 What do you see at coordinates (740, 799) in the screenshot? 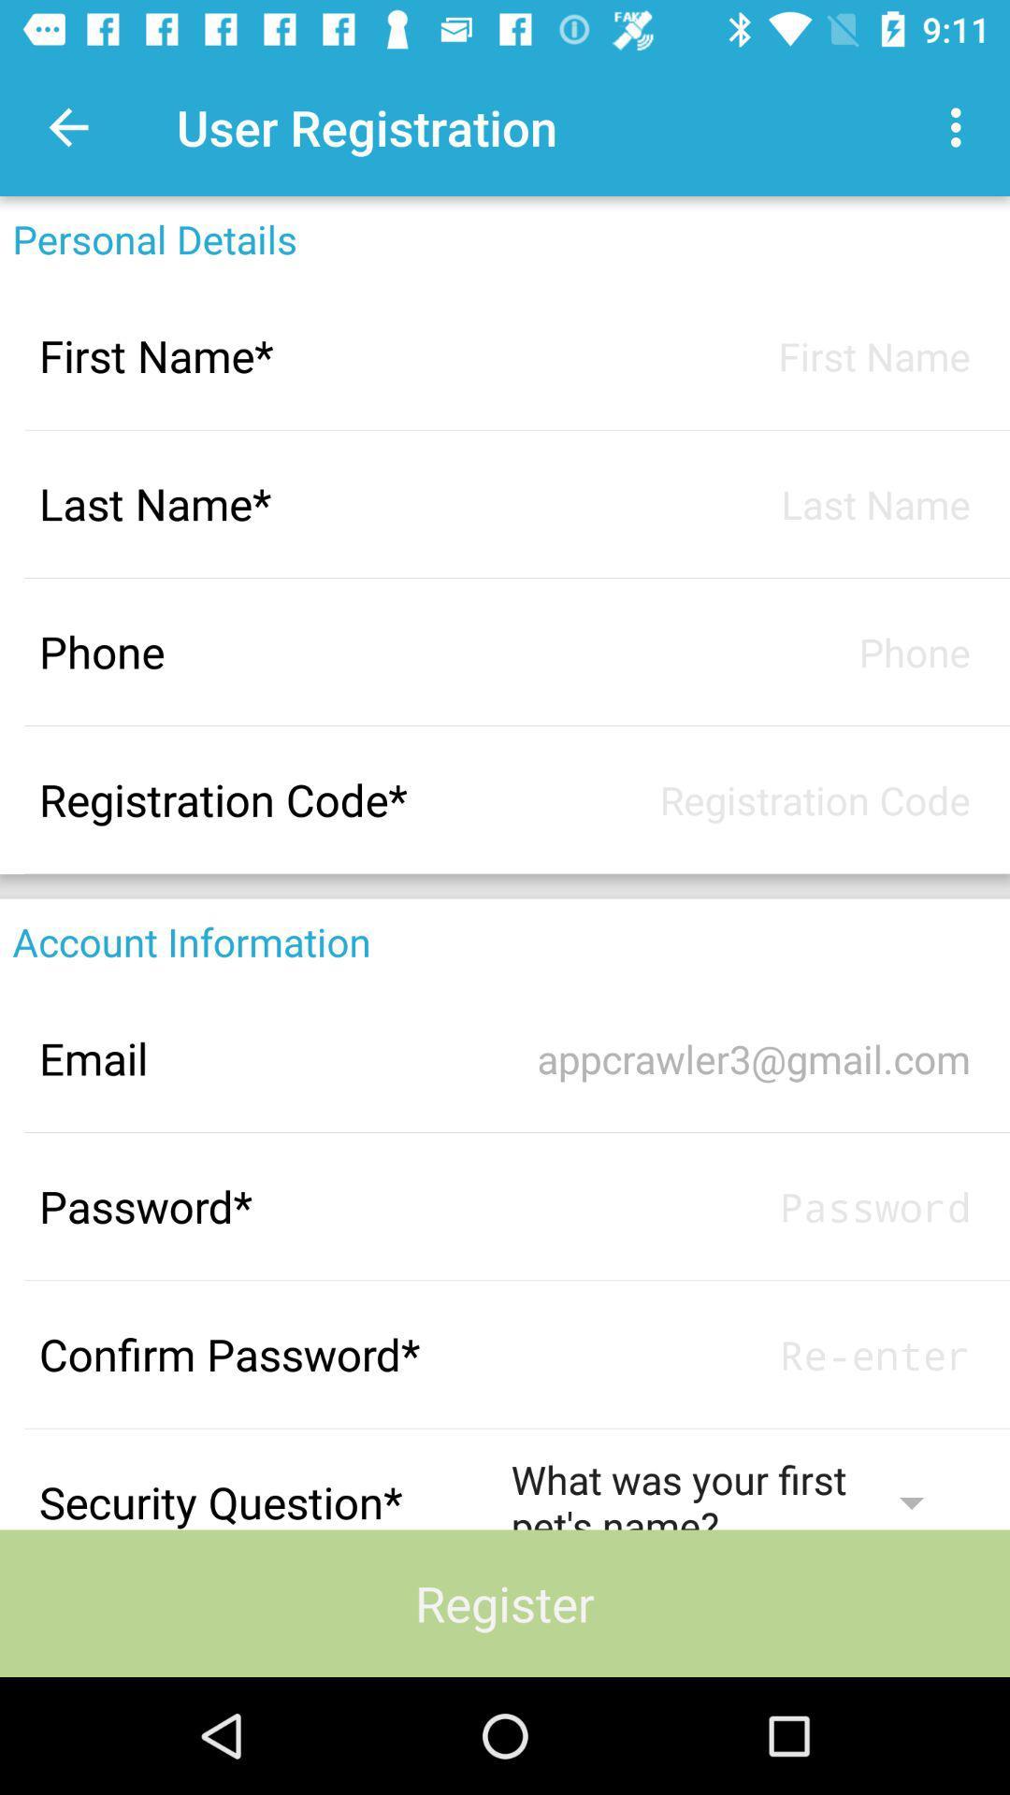
I see `blank column` at bounding box center [740, 799].